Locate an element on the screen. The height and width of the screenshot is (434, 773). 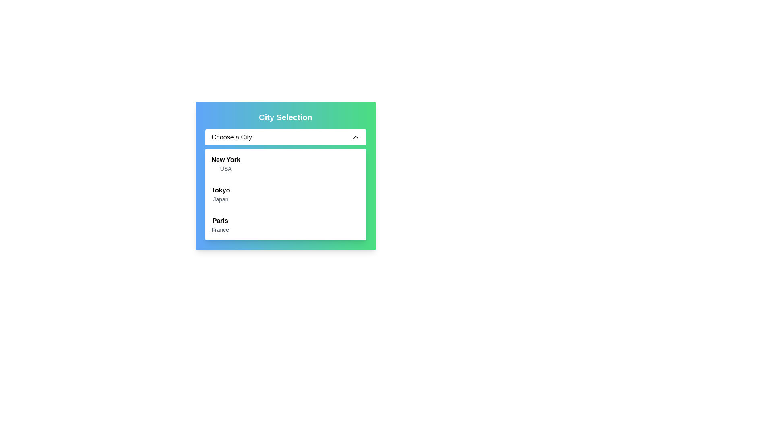
the 'New York, USA' option in the city selection dropdown menu, which is the first entry in the list underneath the 'Choose a City' field is located at coordinates (225, 164).